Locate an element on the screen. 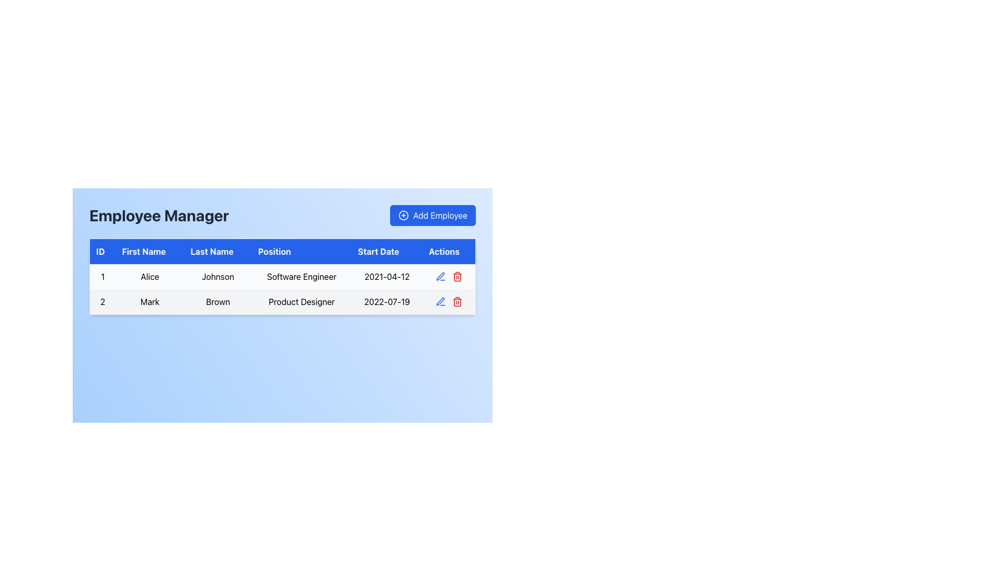 The width and height of the screenshot is (1004, 565). the circular outline of the 'Add Employee' button located at the top-right corner above a table component is located at coordinates (403, 215).